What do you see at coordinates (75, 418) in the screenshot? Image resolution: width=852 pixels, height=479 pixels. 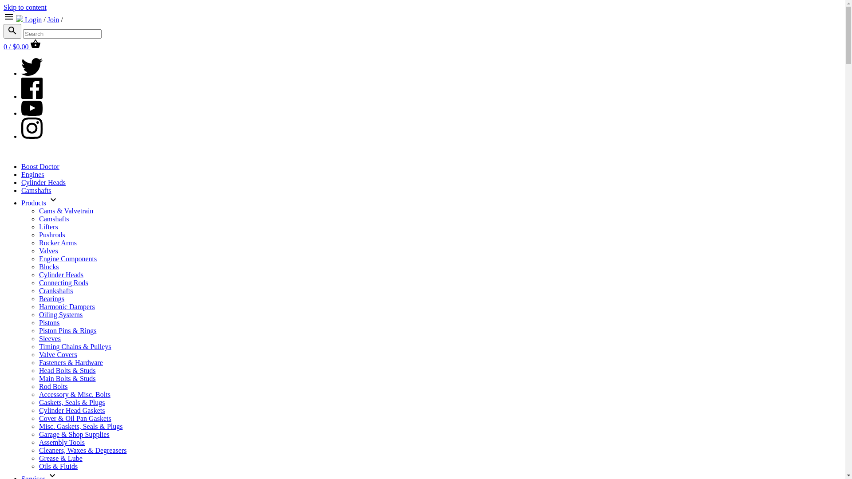 I see `'Cover & Oil Pan Gaskets'` at bounding box center [75, 418].